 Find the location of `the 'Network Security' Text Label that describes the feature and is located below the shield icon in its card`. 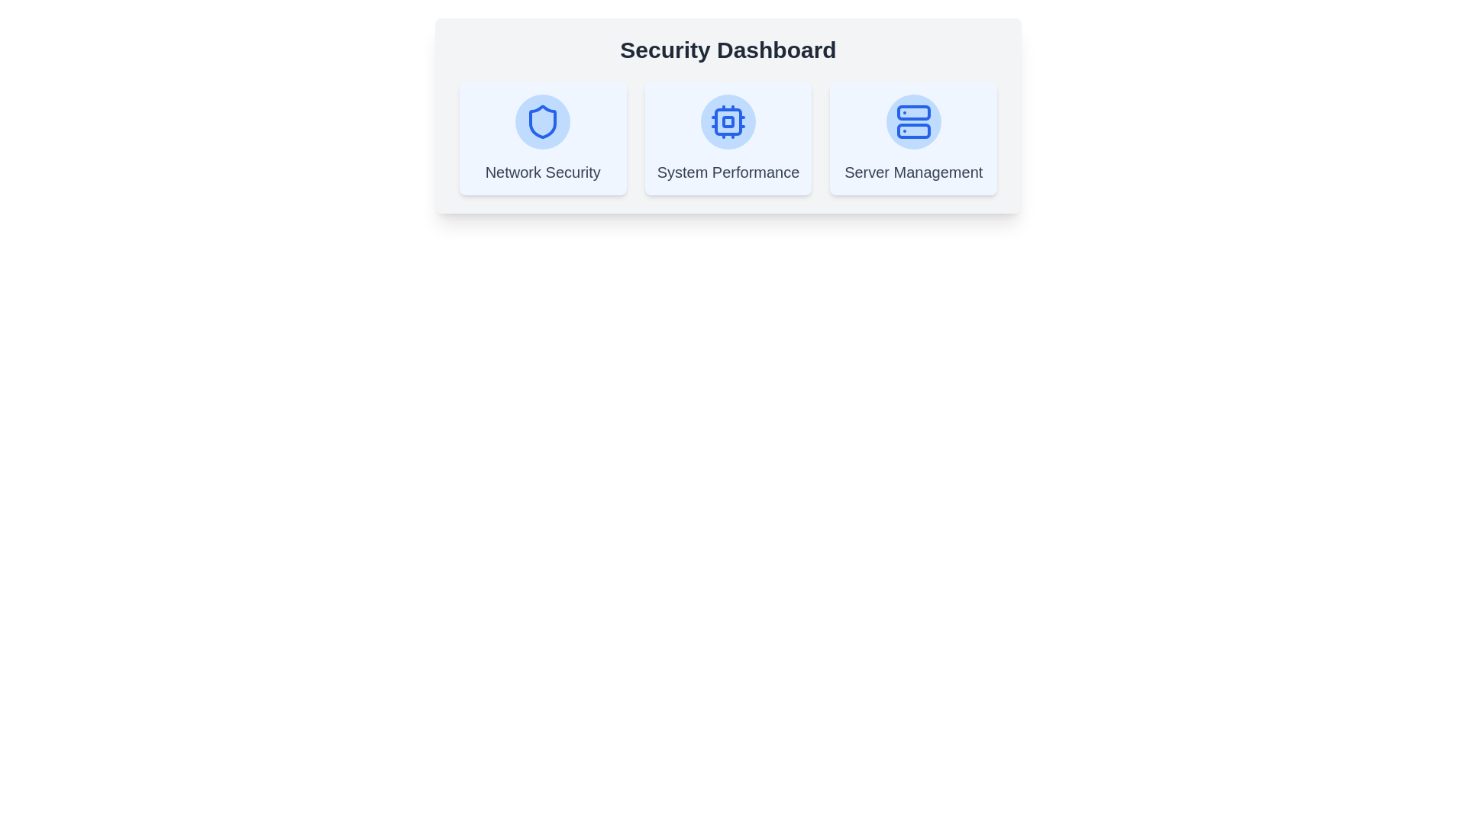

the 'Network Security' Text Label that describes the feature and is located below the shield icon in its card is located at coordinates (543, 172).